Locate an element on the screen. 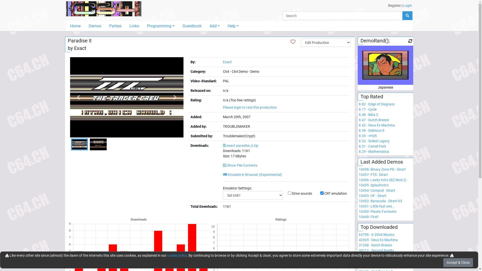 The height and width of the screenshot is (271, 482). '8.42 - Deus Ex Machina' is located at coordinates (358, 125).